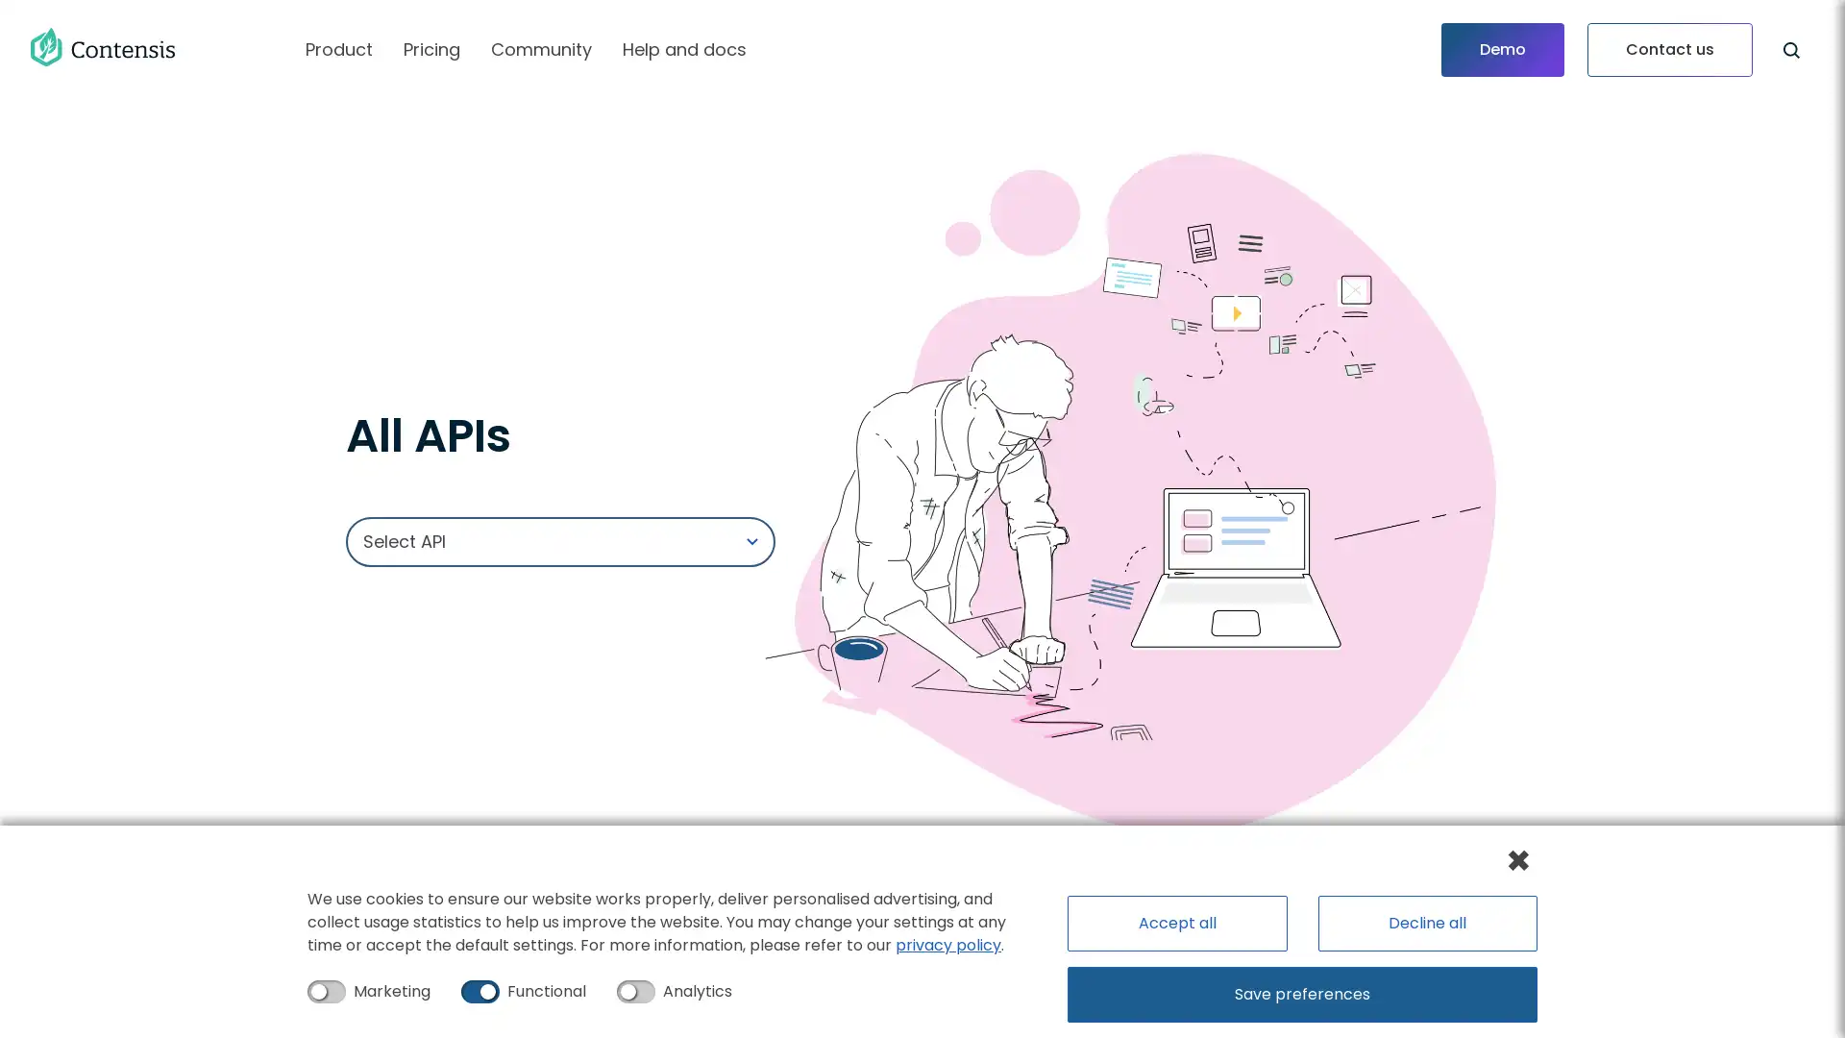 This screenshot has width=1845, height=1038. Describe the element at coordinates (1516, 858) in the screenshot. I see `Close` at that location.